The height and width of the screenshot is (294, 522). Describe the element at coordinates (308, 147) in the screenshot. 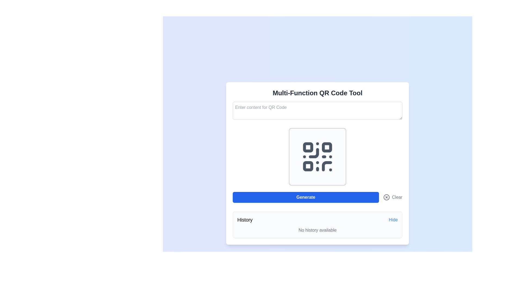

I see `the small square with rounded edges located in the upper-left corner of the QR code grid` at that location.